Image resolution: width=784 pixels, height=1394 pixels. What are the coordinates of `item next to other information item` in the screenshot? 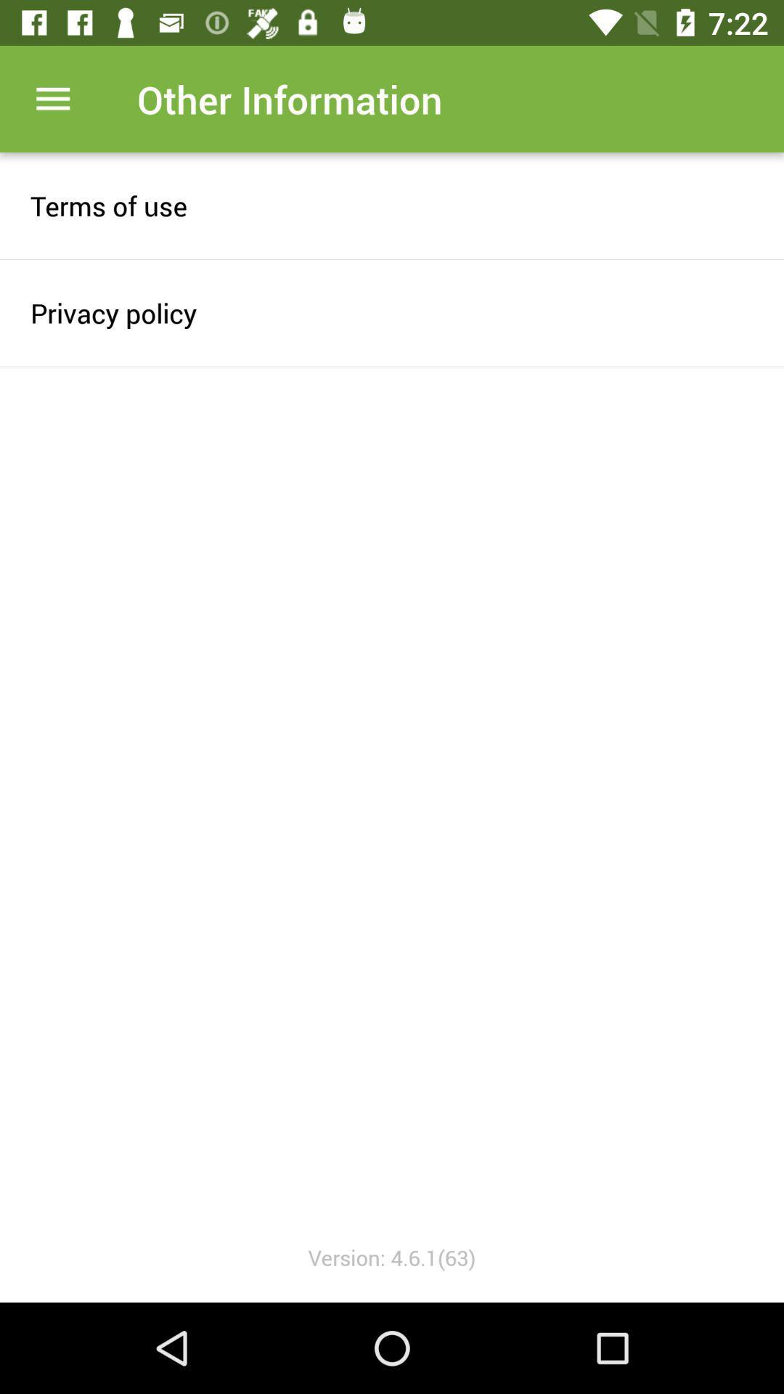 It's located at (52, 98).